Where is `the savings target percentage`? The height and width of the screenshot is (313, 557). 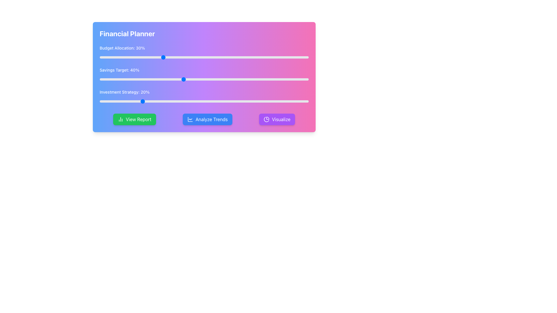
the savings target percentage is located at coordinates (252, 79).